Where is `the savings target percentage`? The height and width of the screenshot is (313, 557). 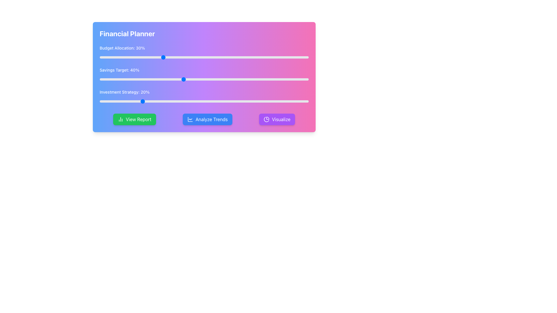
the savings target percentage is located at coordinates (252, 79).